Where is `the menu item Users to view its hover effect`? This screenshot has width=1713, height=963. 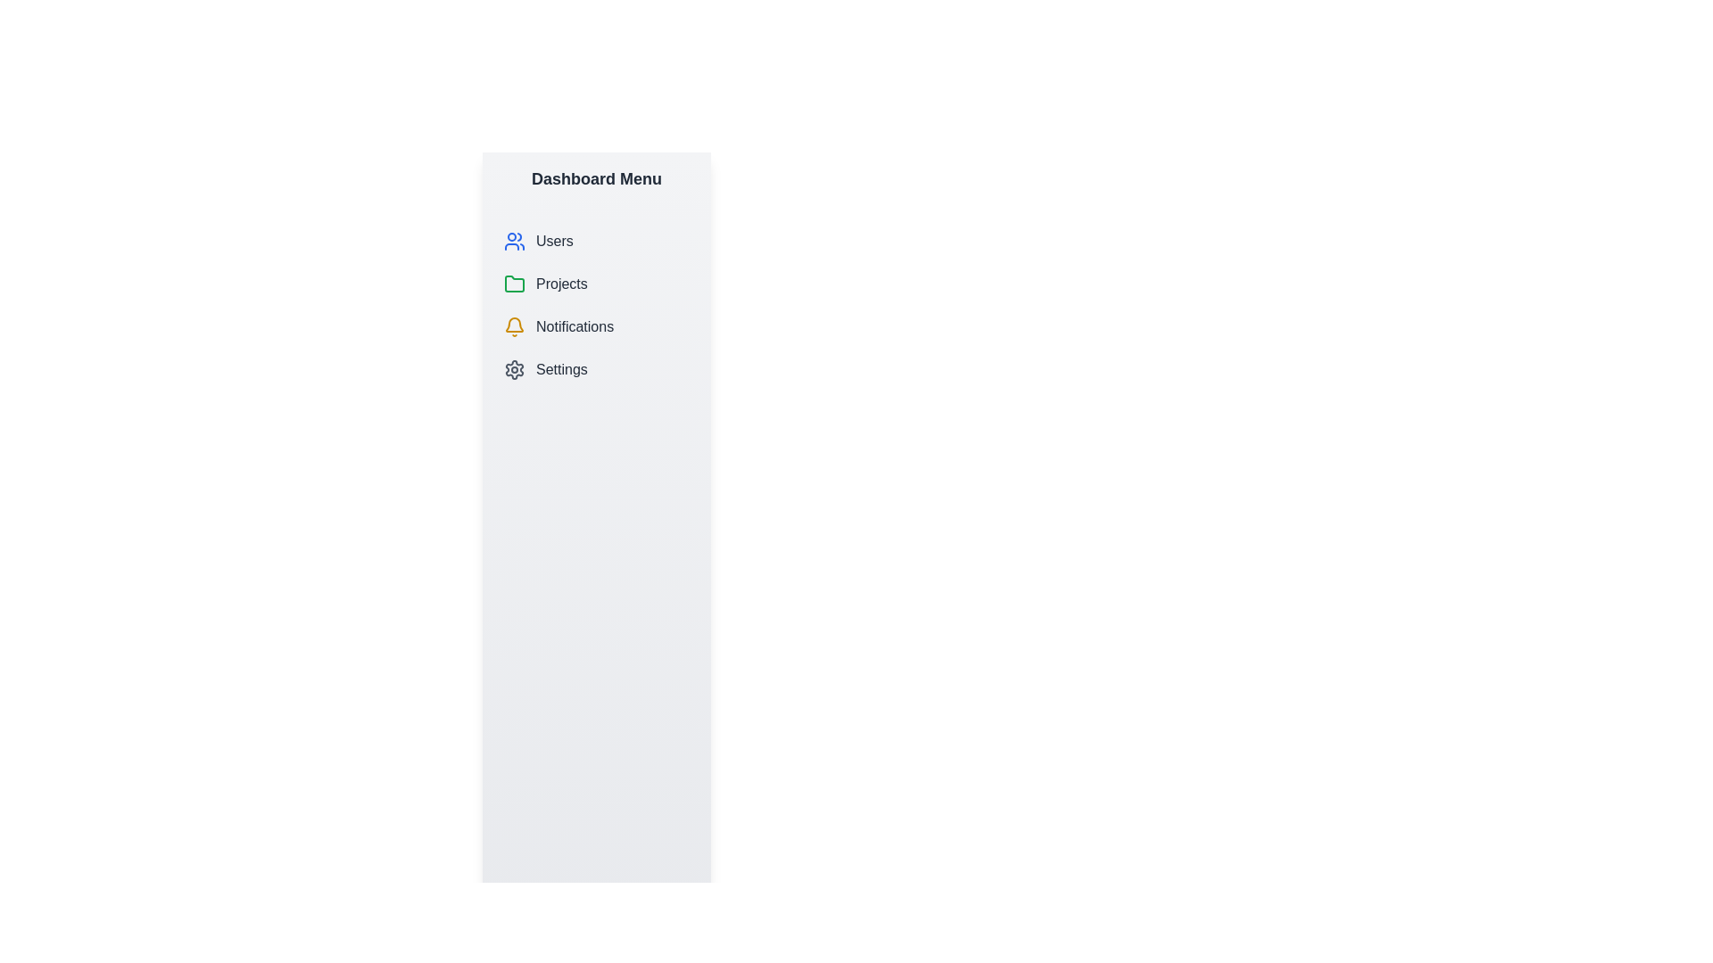
the menu item Users to view its hover effect is located at coordinates (596, 241).